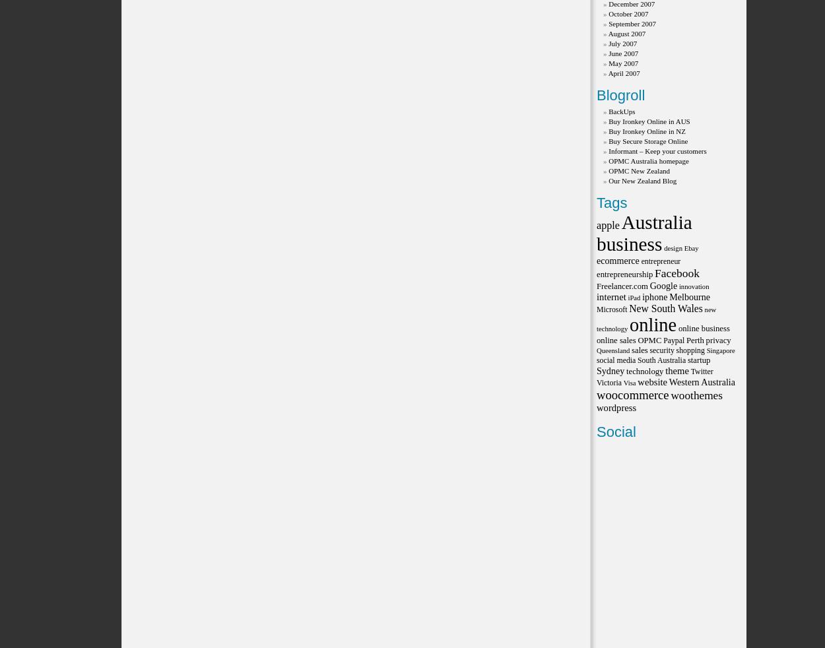  What do you see at coordinates (628, 382) in the screenshot?
I see `'Visa'` at bounding box center [628, 382].